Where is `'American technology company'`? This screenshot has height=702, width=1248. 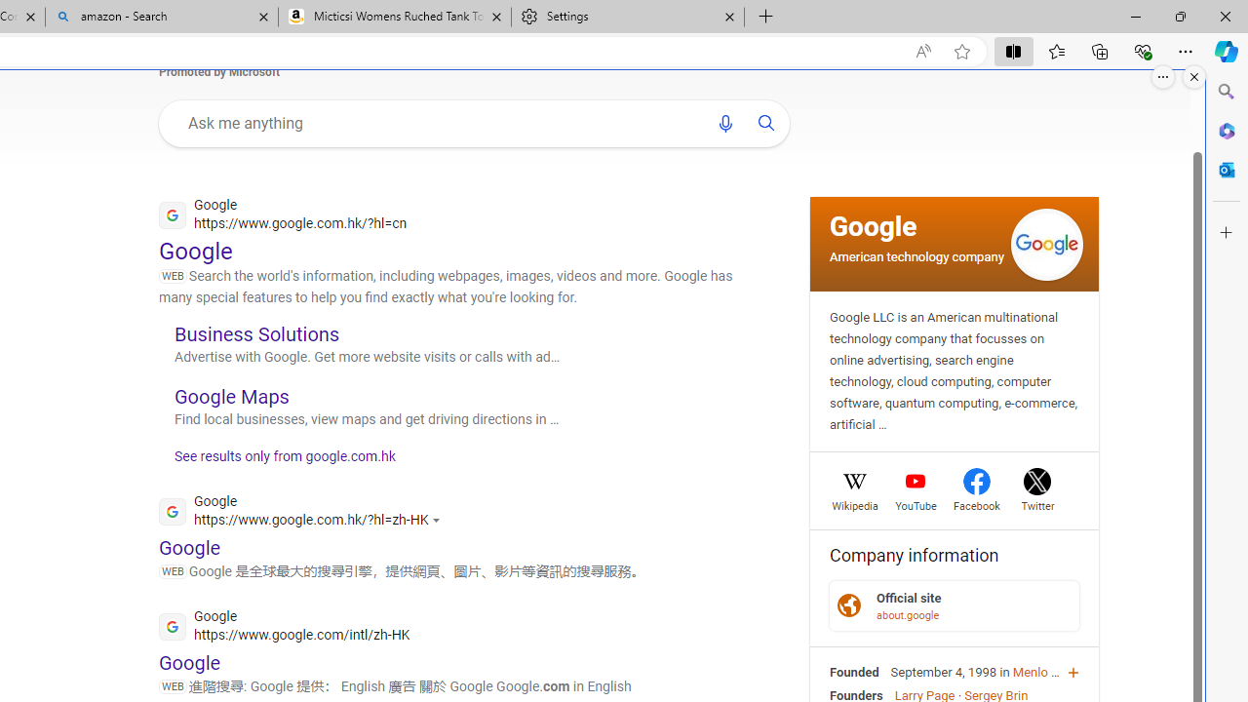
'American technology company' is located at coordinates (916, 254).